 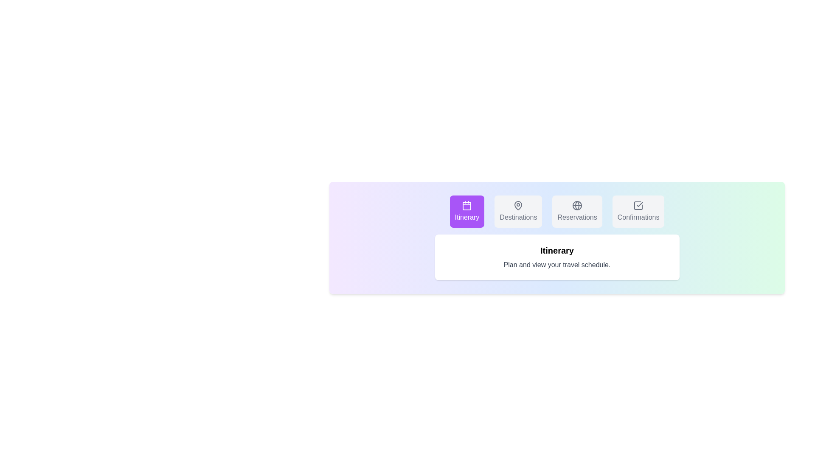 I want to click on the Confirmations tab to switch views, so click(x=638, y=211).